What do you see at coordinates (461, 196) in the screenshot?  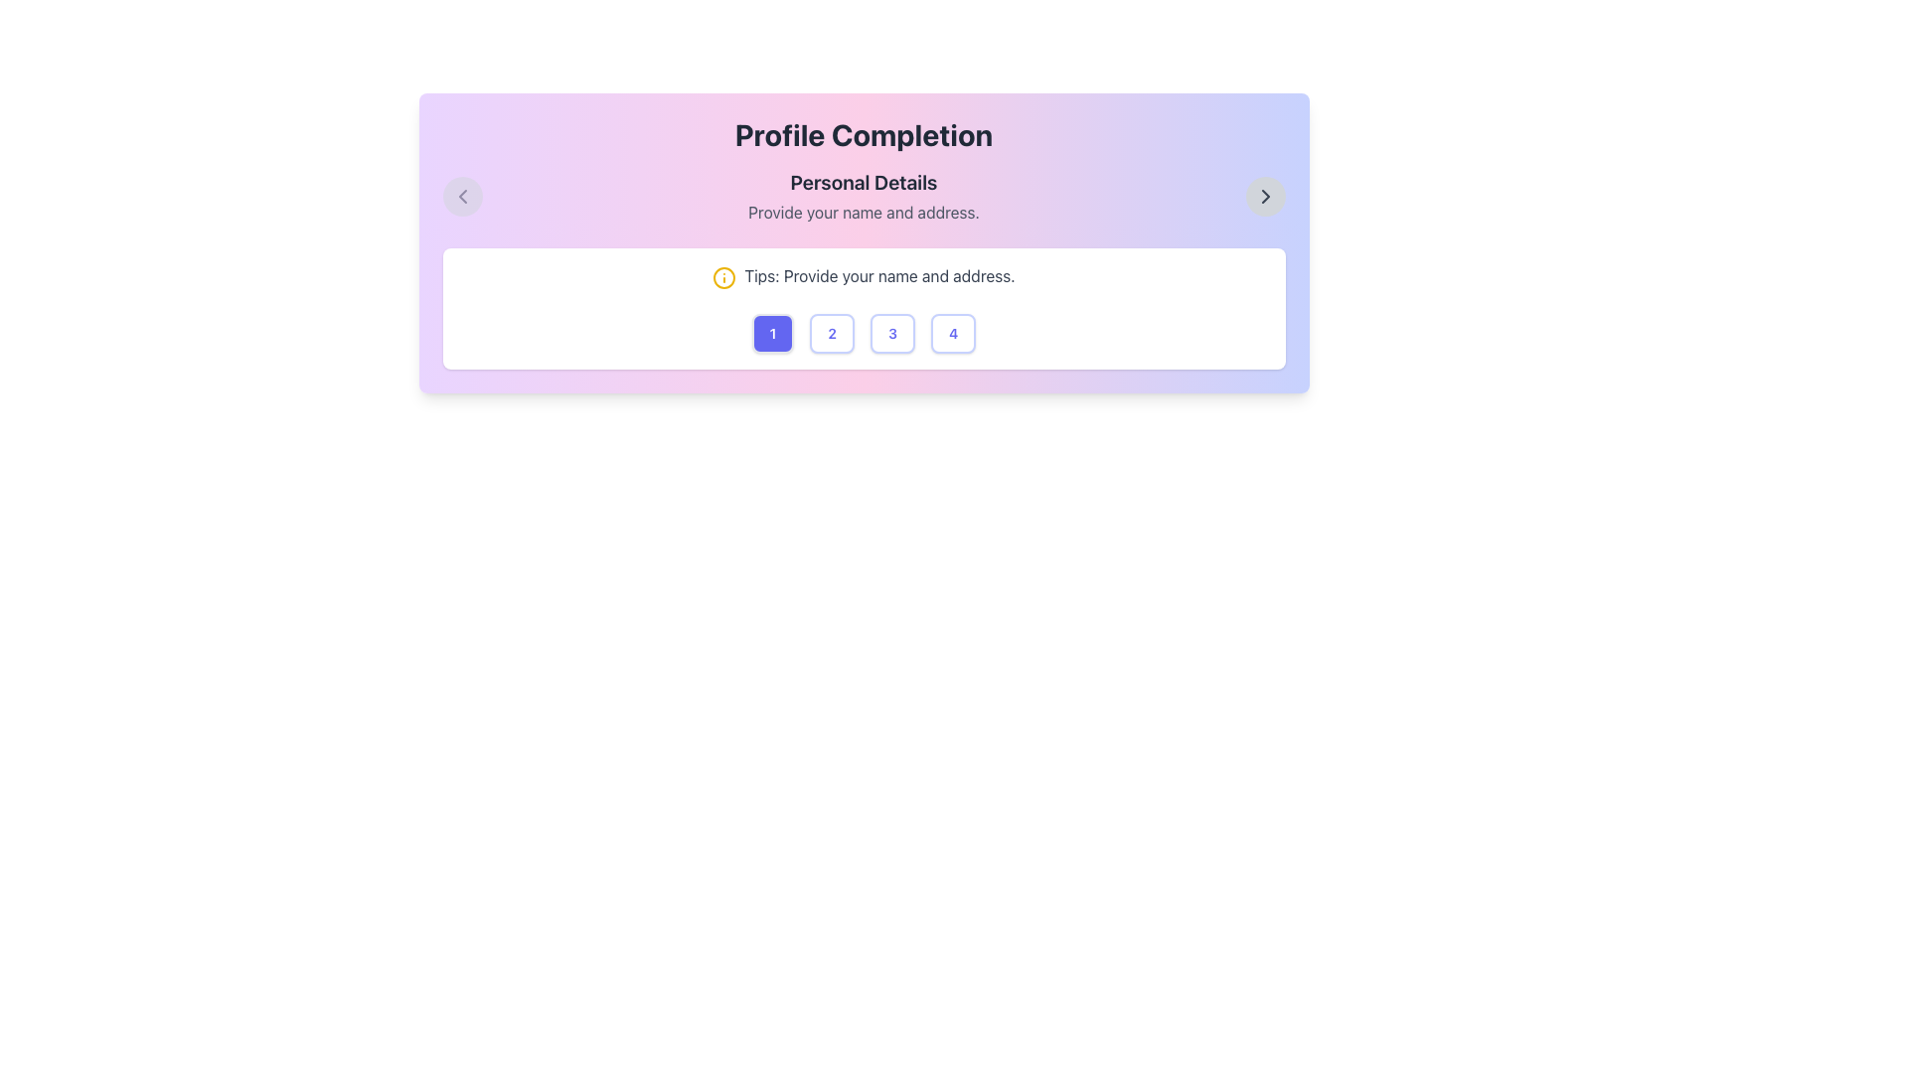 I see `the circular gray button with a left-facing chevron icon located in the header section of the 'Profile Completion' card` at bounding box center [461, 196].